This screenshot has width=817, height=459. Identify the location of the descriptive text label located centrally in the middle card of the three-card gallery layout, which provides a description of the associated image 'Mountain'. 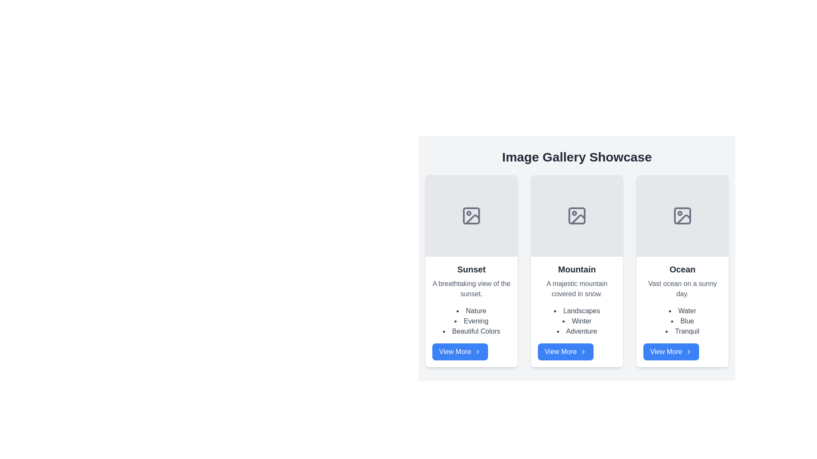
(577, 288).